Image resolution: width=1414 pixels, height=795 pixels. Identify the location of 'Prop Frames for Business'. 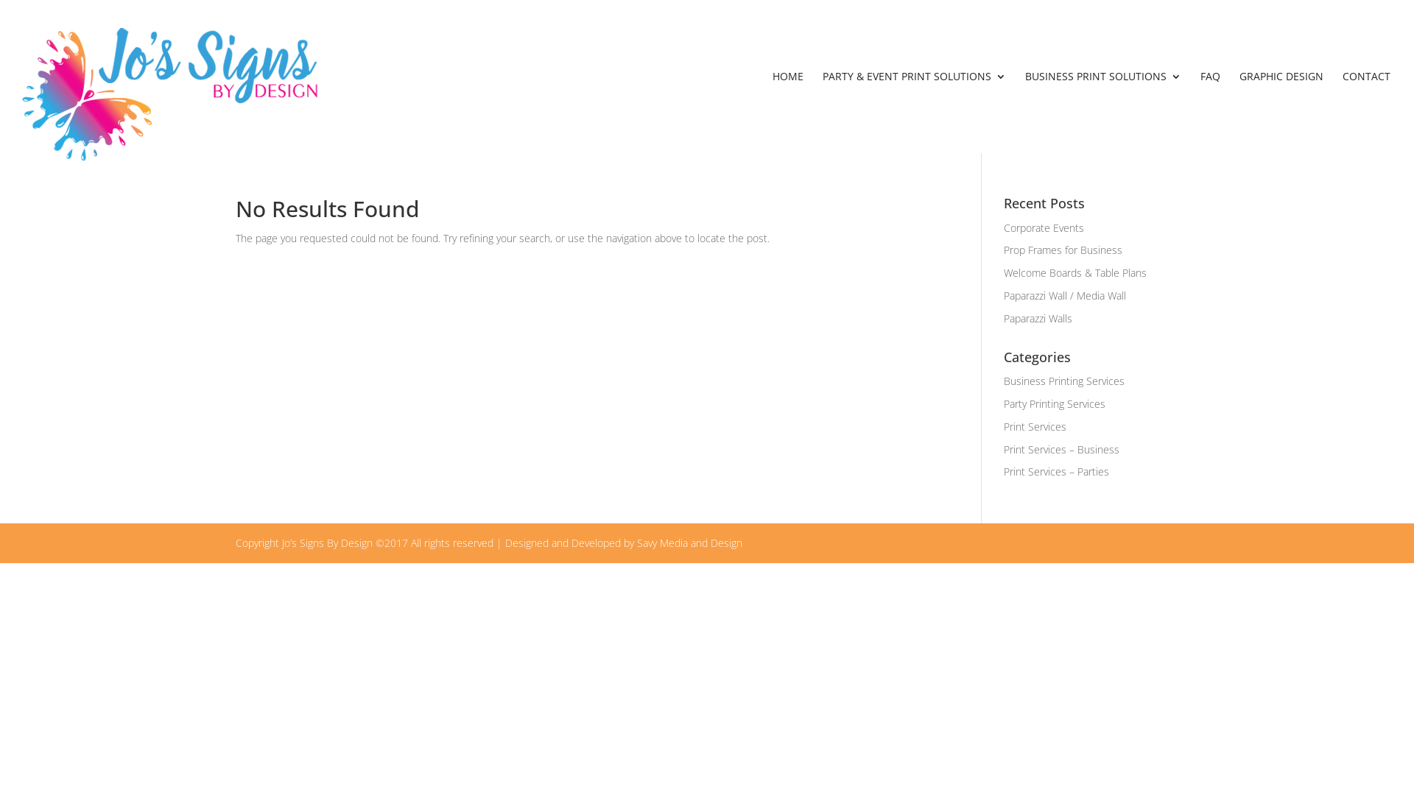
(1063, 249).